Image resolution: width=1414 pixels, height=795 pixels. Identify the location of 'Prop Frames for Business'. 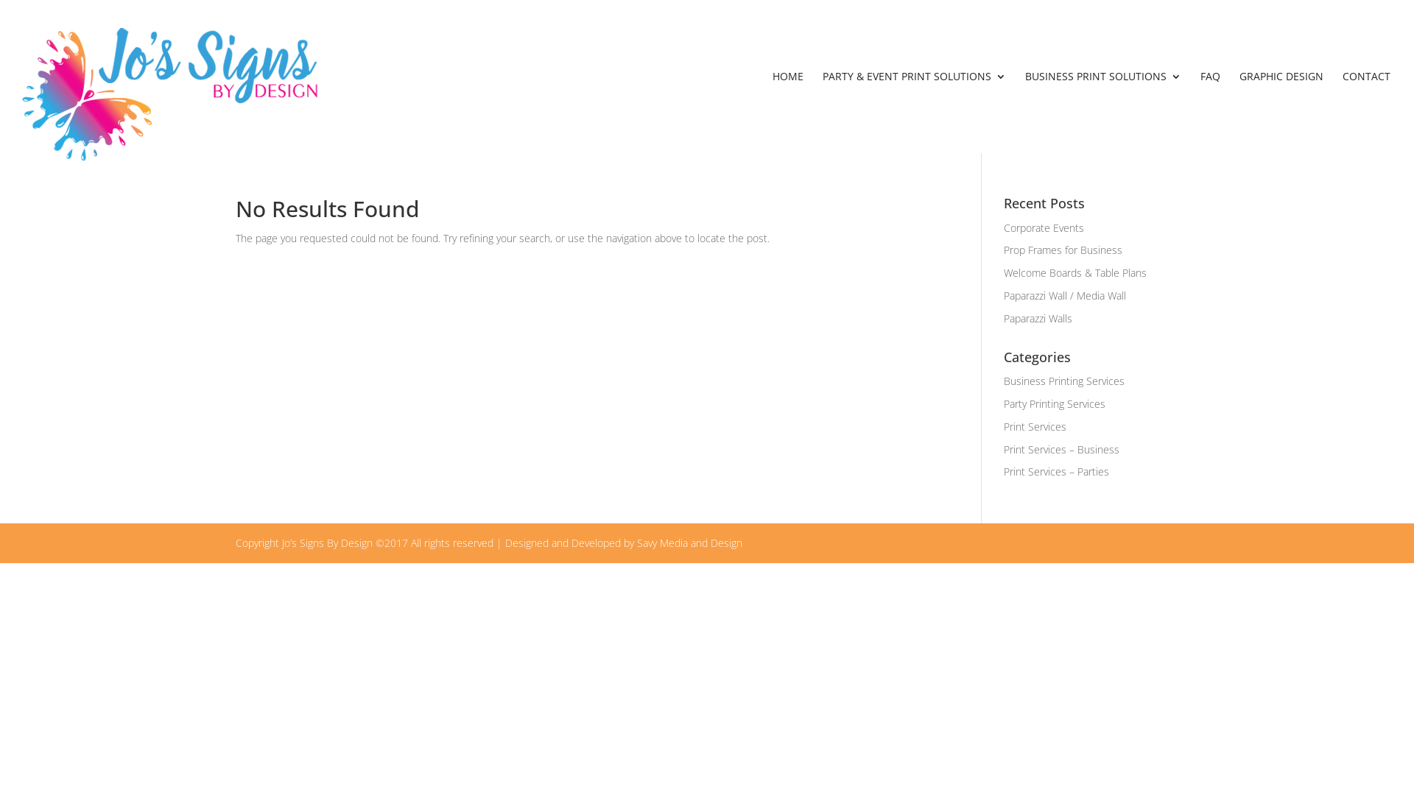
(1063, 249).